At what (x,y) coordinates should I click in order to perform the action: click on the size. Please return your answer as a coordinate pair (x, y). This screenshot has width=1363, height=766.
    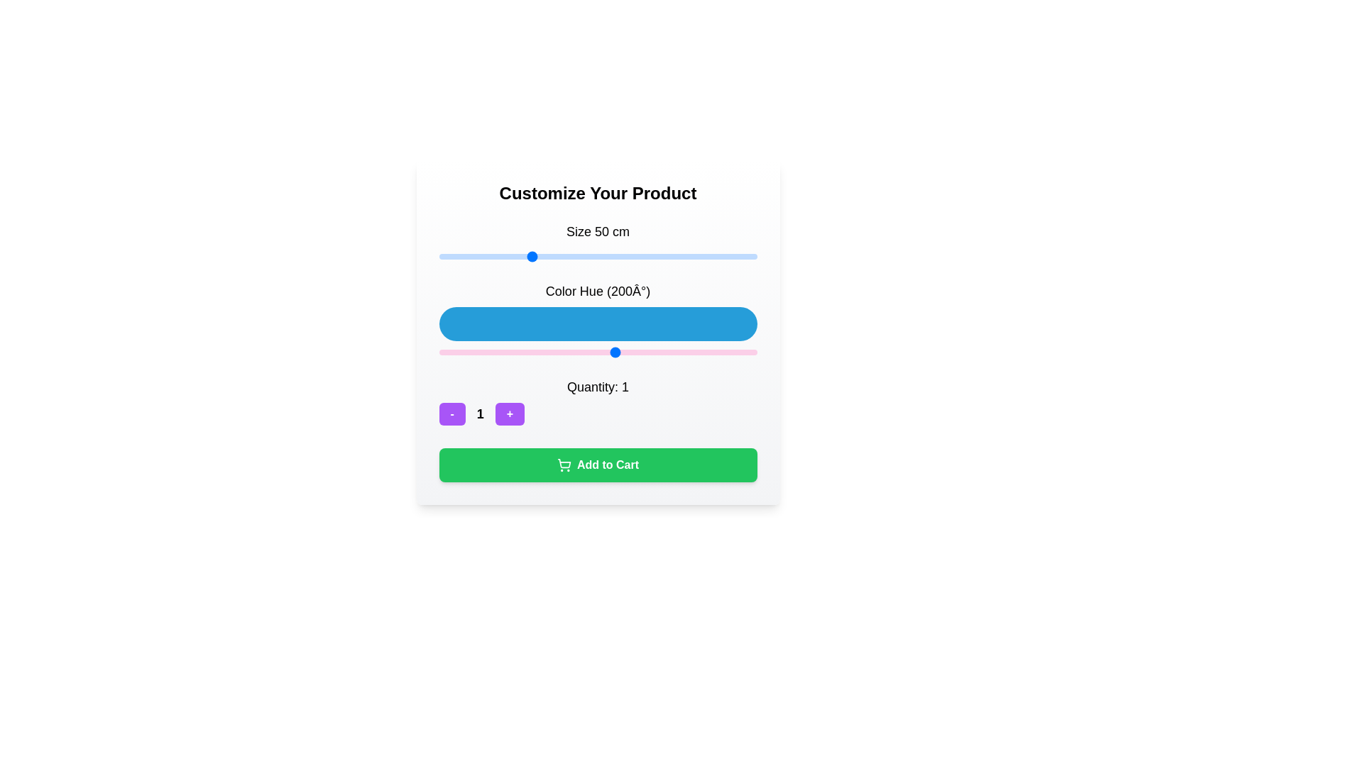
    Looking at the image, I should click on (674, 257).